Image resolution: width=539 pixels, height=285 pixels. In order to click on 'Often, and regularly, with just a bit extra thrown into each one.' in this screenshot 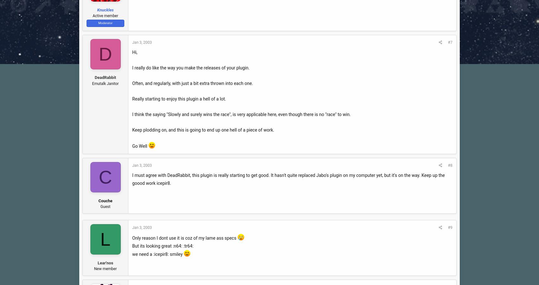, I will do `click(192, 83)`.